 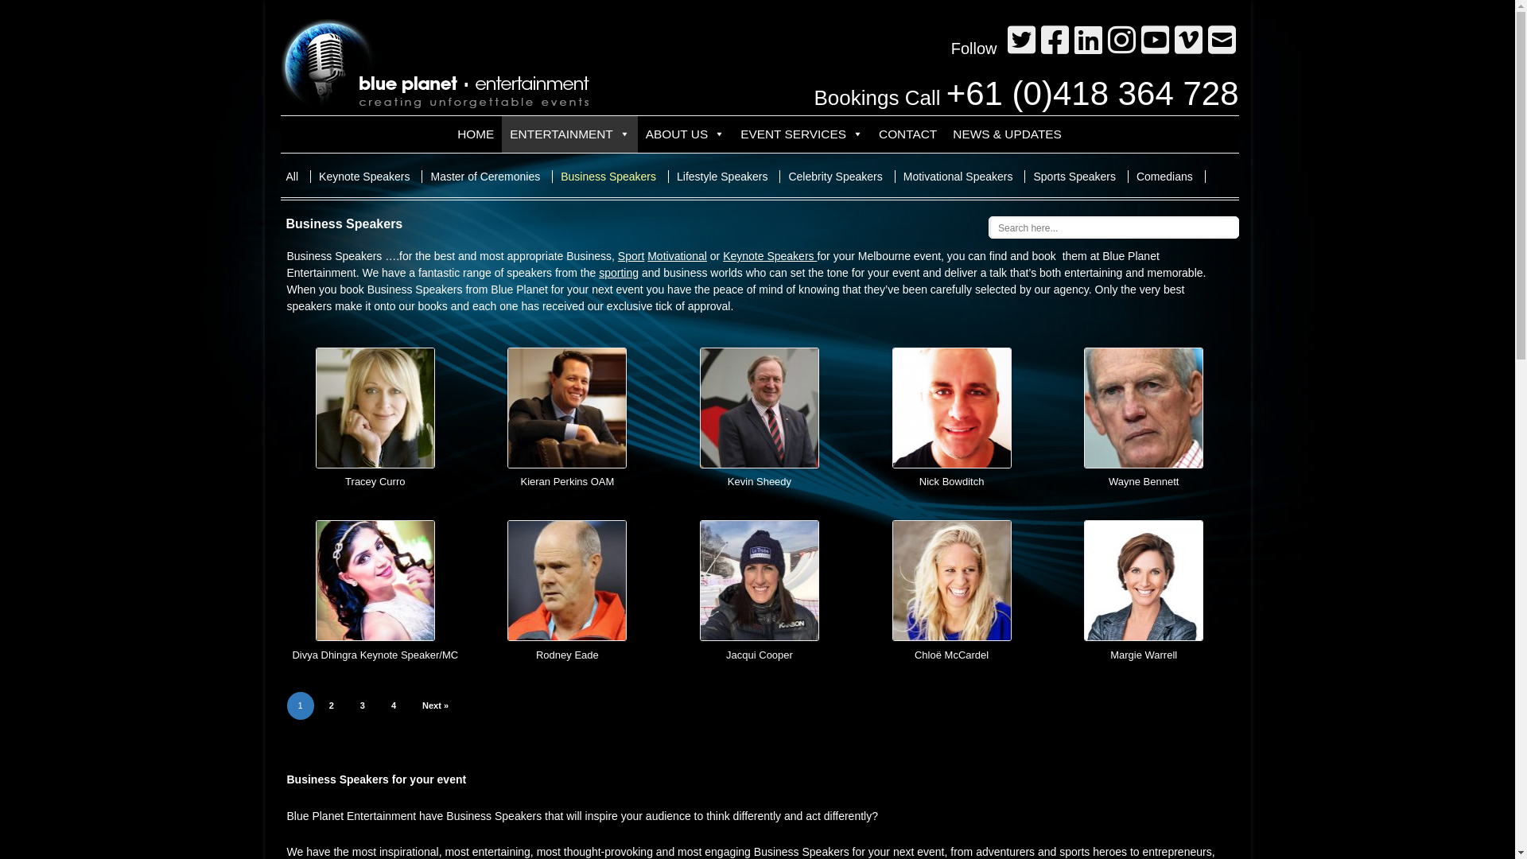 I want to click on 'Motivational Speakers', so click(x=964, y=177).